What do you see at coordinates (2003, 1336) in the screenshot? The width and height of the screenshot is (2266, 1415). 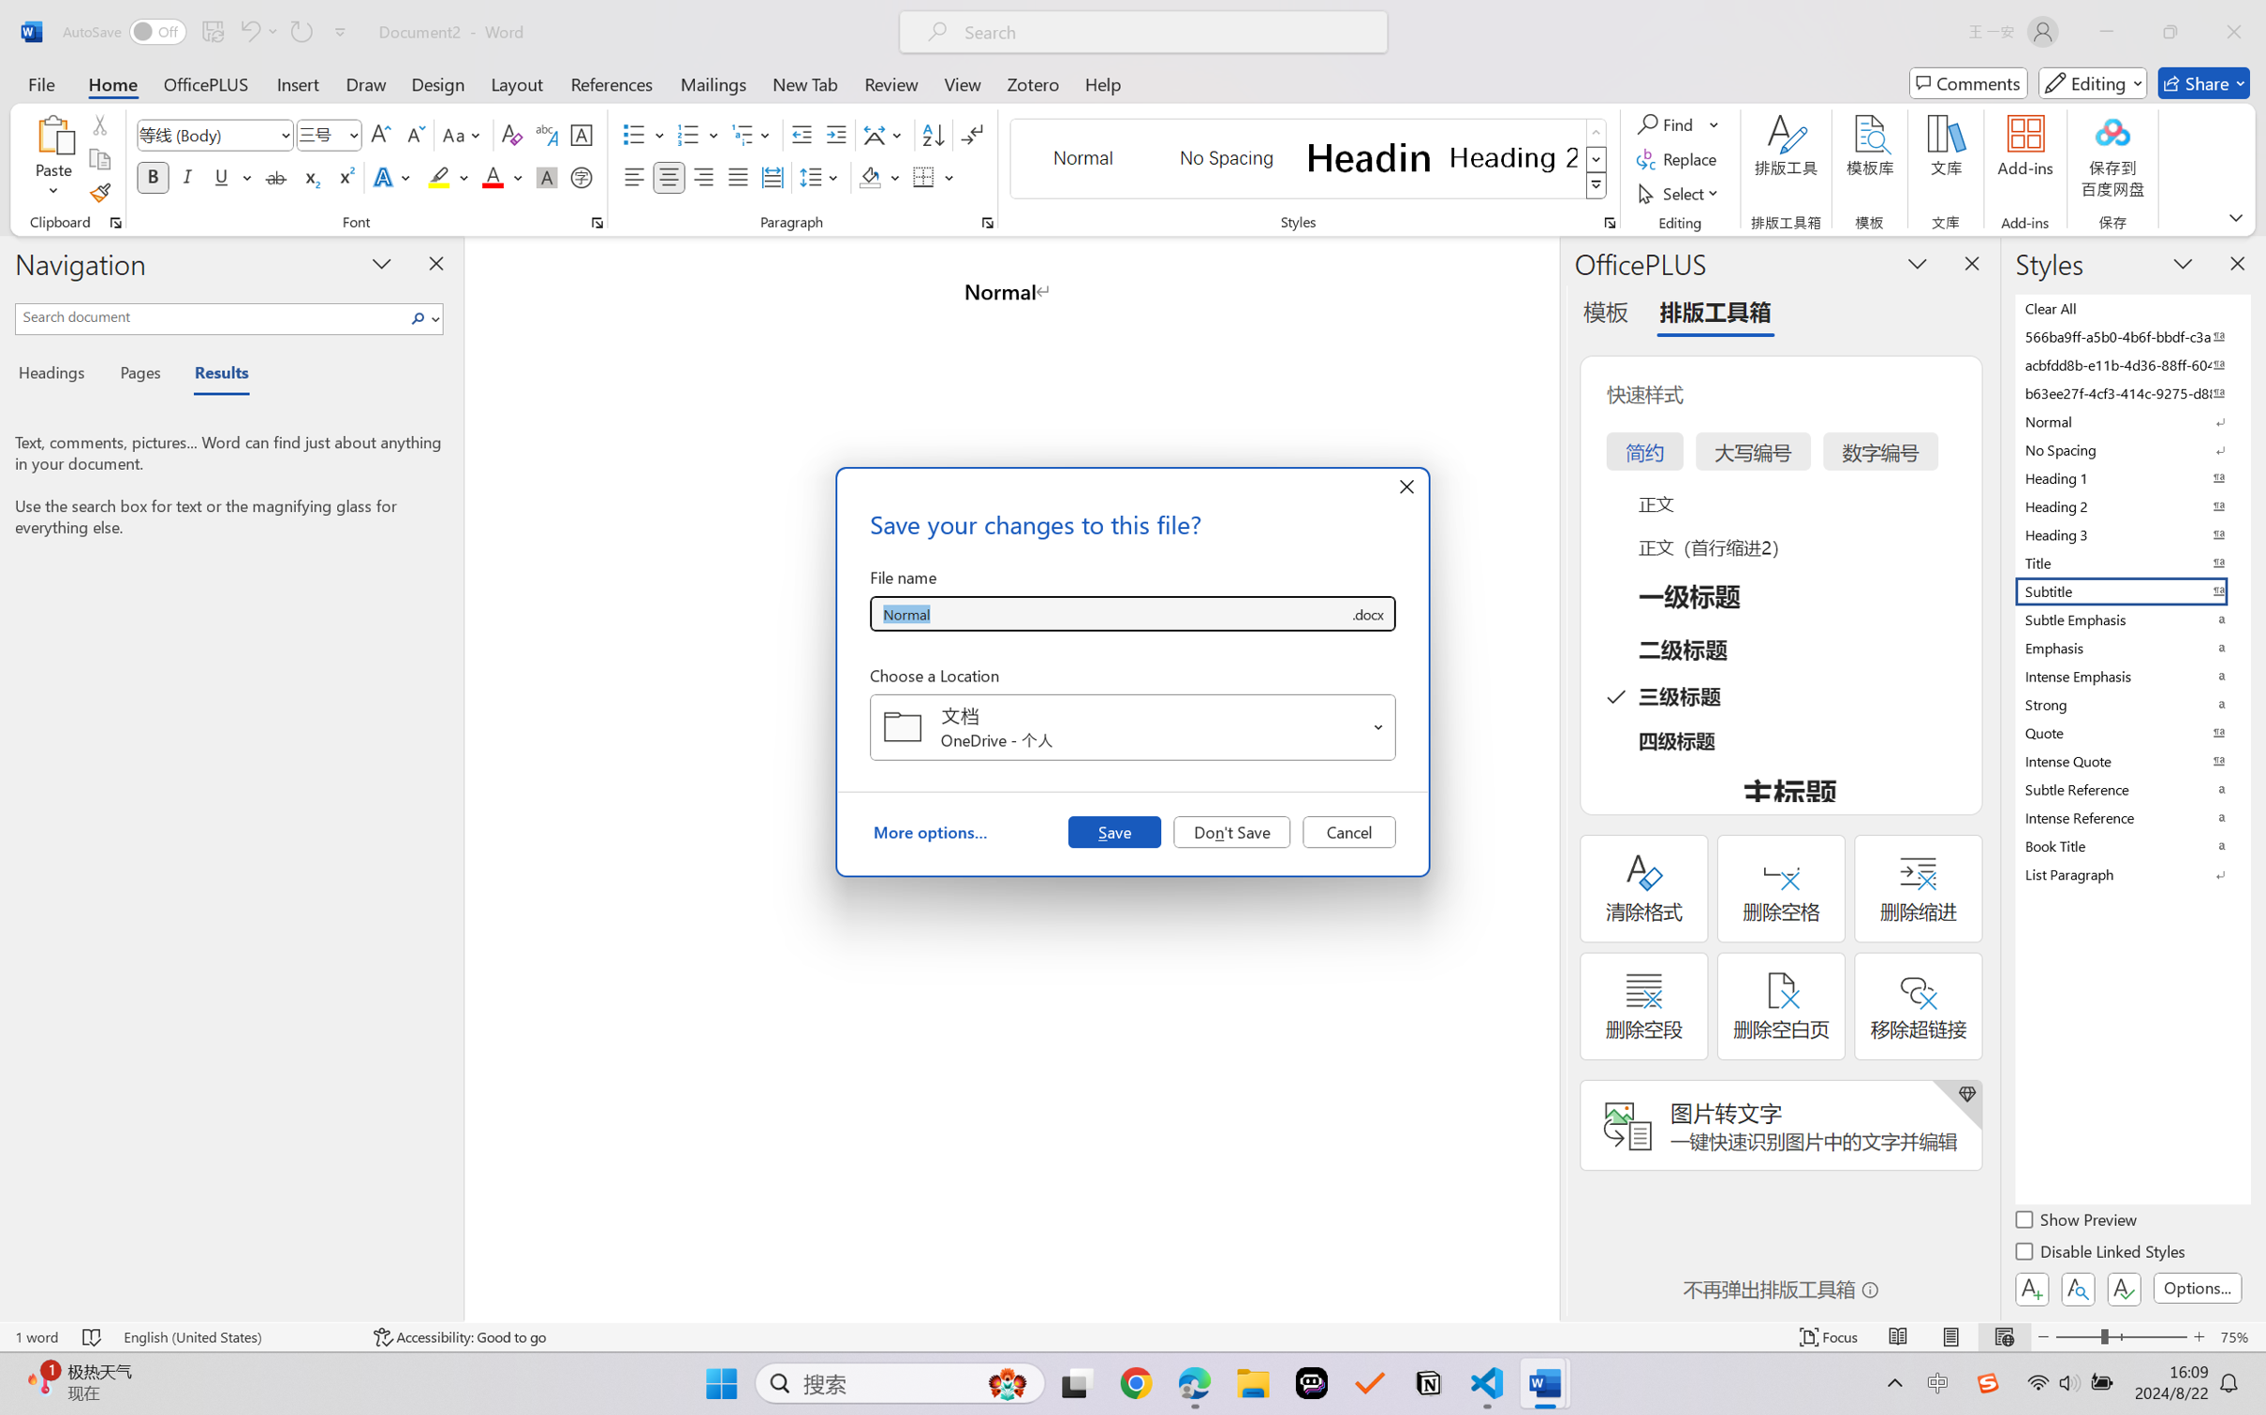 I see `'Web Layout'` at bounding box center [2003, 1336].